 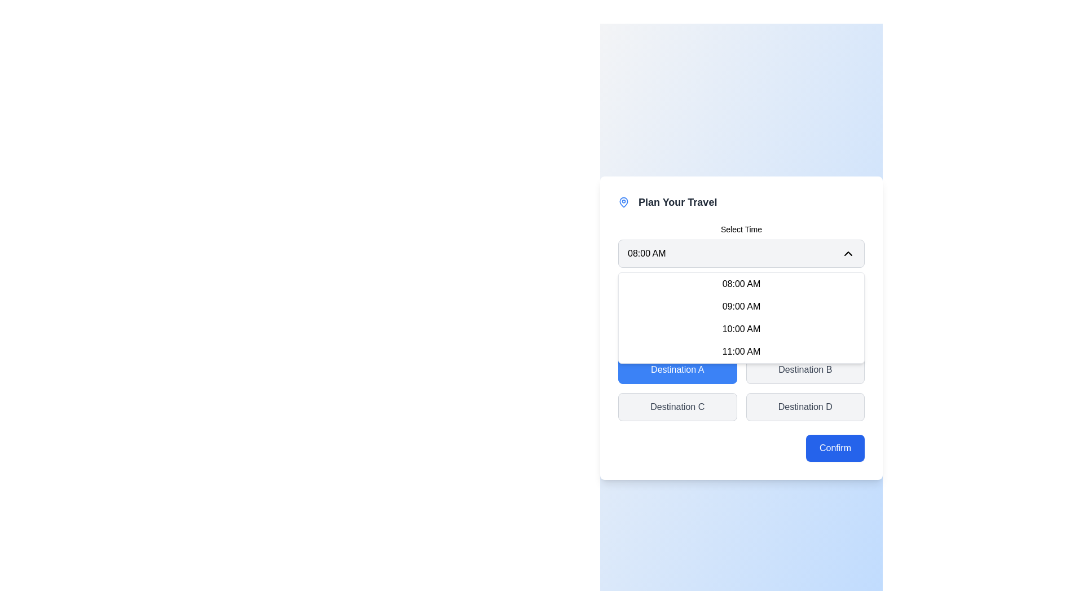 What do you see at coordinates (741, 322) in the screenshot?
I see `the Dropdown list item displaying '10:00 AM' within the 'Select Time' section of the 'Plan Your Travel' interface` at bounding box center [741, 322].